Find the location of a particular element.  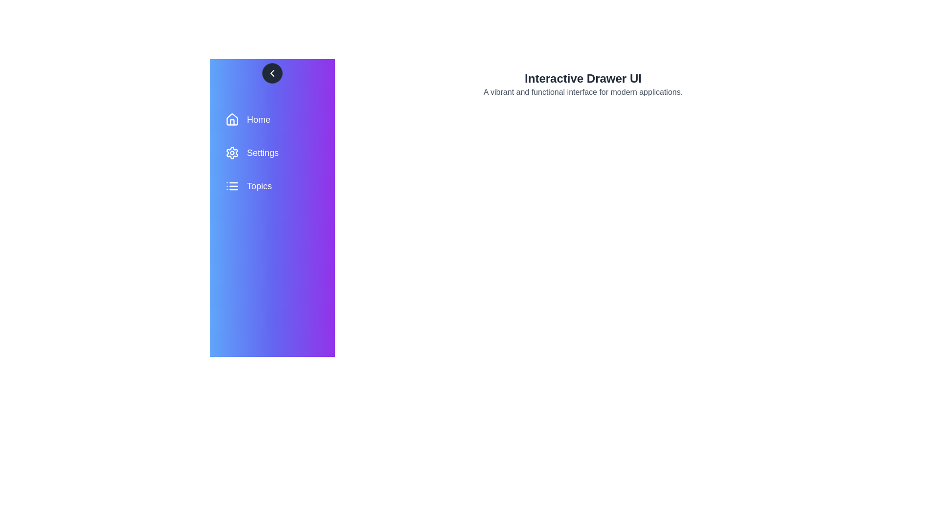

the menu item Topics to view its hover effect is located at coordinates (272, 186).